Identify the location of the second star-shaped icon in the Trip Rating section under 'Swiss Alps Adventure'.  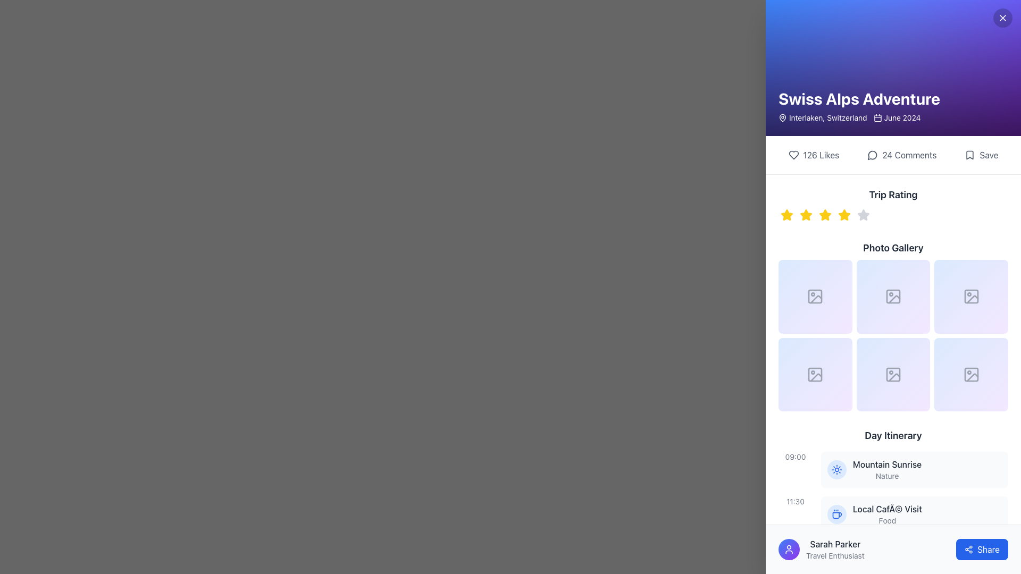
(806, 215).